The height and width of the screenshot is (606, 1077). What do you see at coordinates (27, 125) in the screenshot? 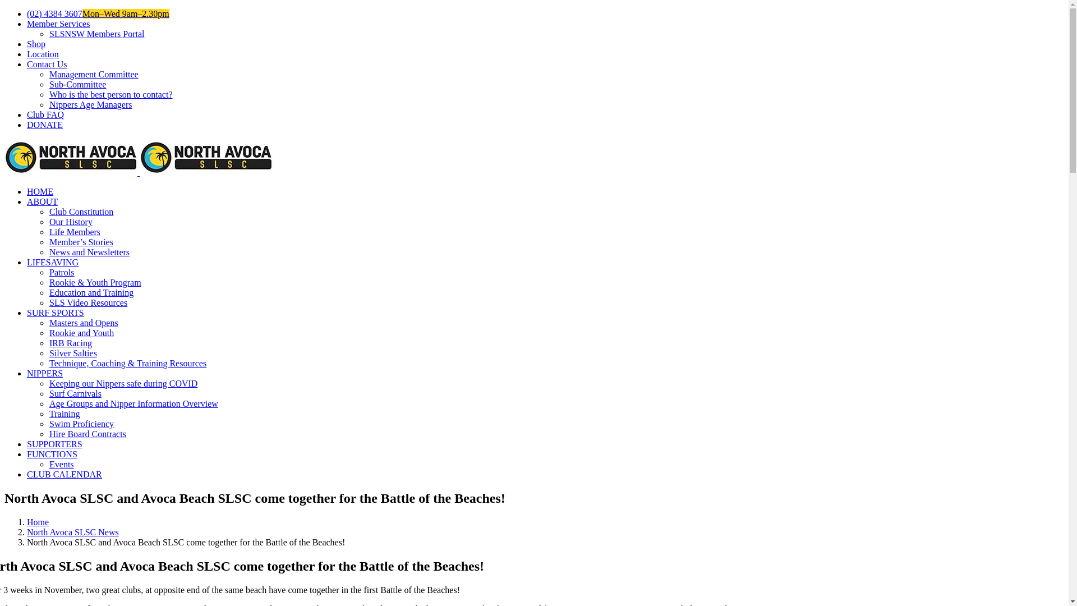
I see `'DONATE'` at bounding box center [27, 125].